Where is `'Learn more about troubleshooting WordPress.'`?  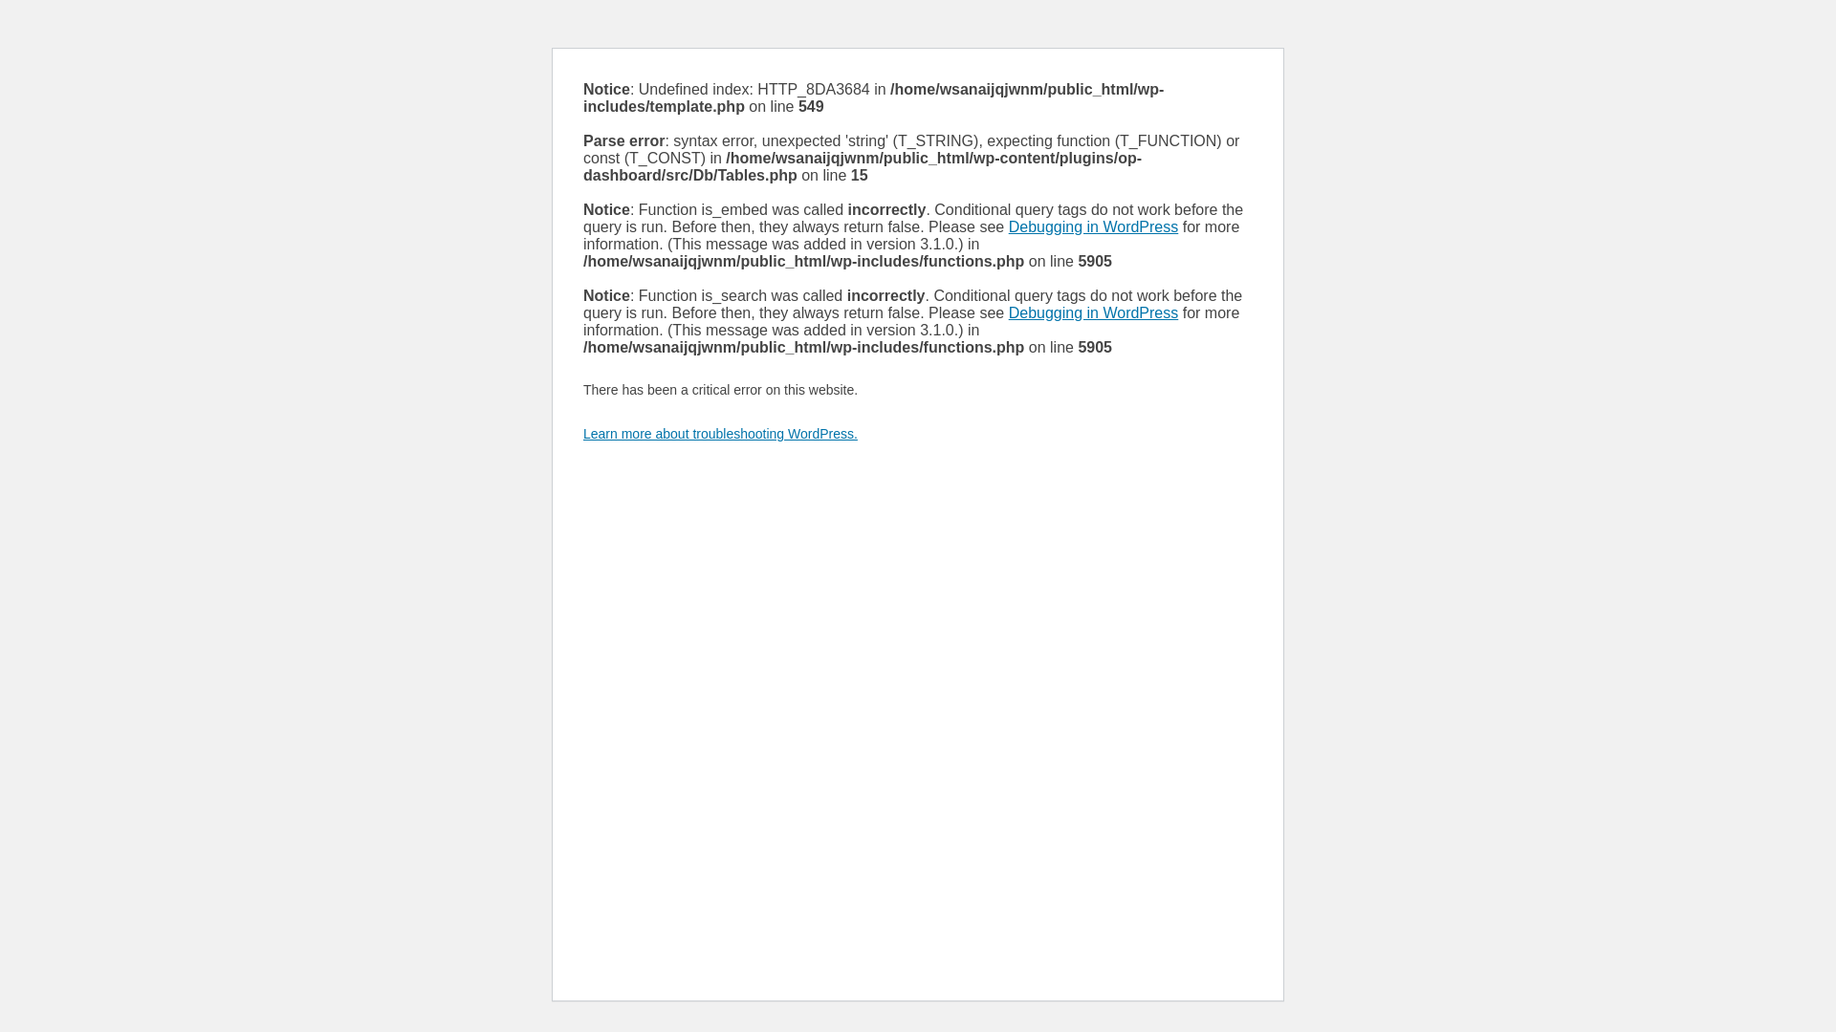 'Learn more about troubleshooting WordPress.' is located at coordinates (719, 434).